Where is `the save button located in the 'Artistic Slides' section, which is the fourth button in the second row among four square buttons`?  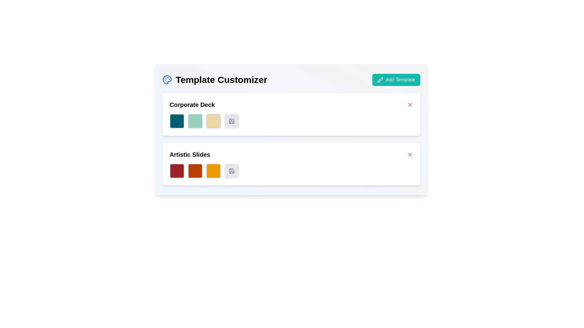 the save button located in the 'Artistic Slides' section, which is the fourth button in the second row among four square buttons is located at coordinates (231, 171).